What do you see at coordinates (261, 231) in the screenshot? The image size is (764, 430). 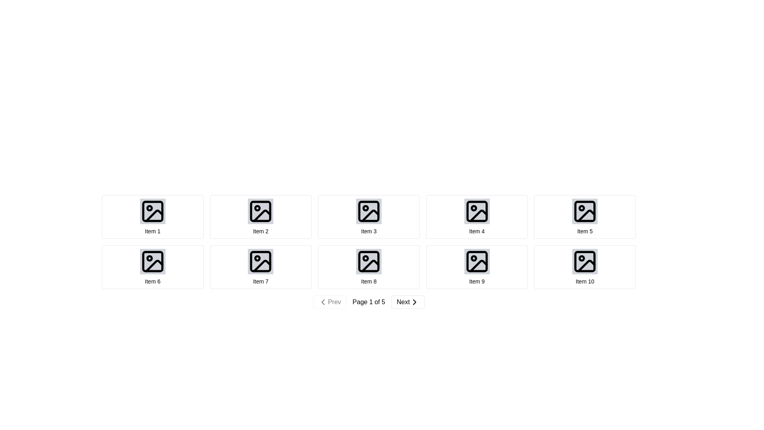 I see `the Text Label that identifies 'Item 2', which is located below the associated image in the second item of a horizontally-arranged grid` at bounding box center [261, 231].